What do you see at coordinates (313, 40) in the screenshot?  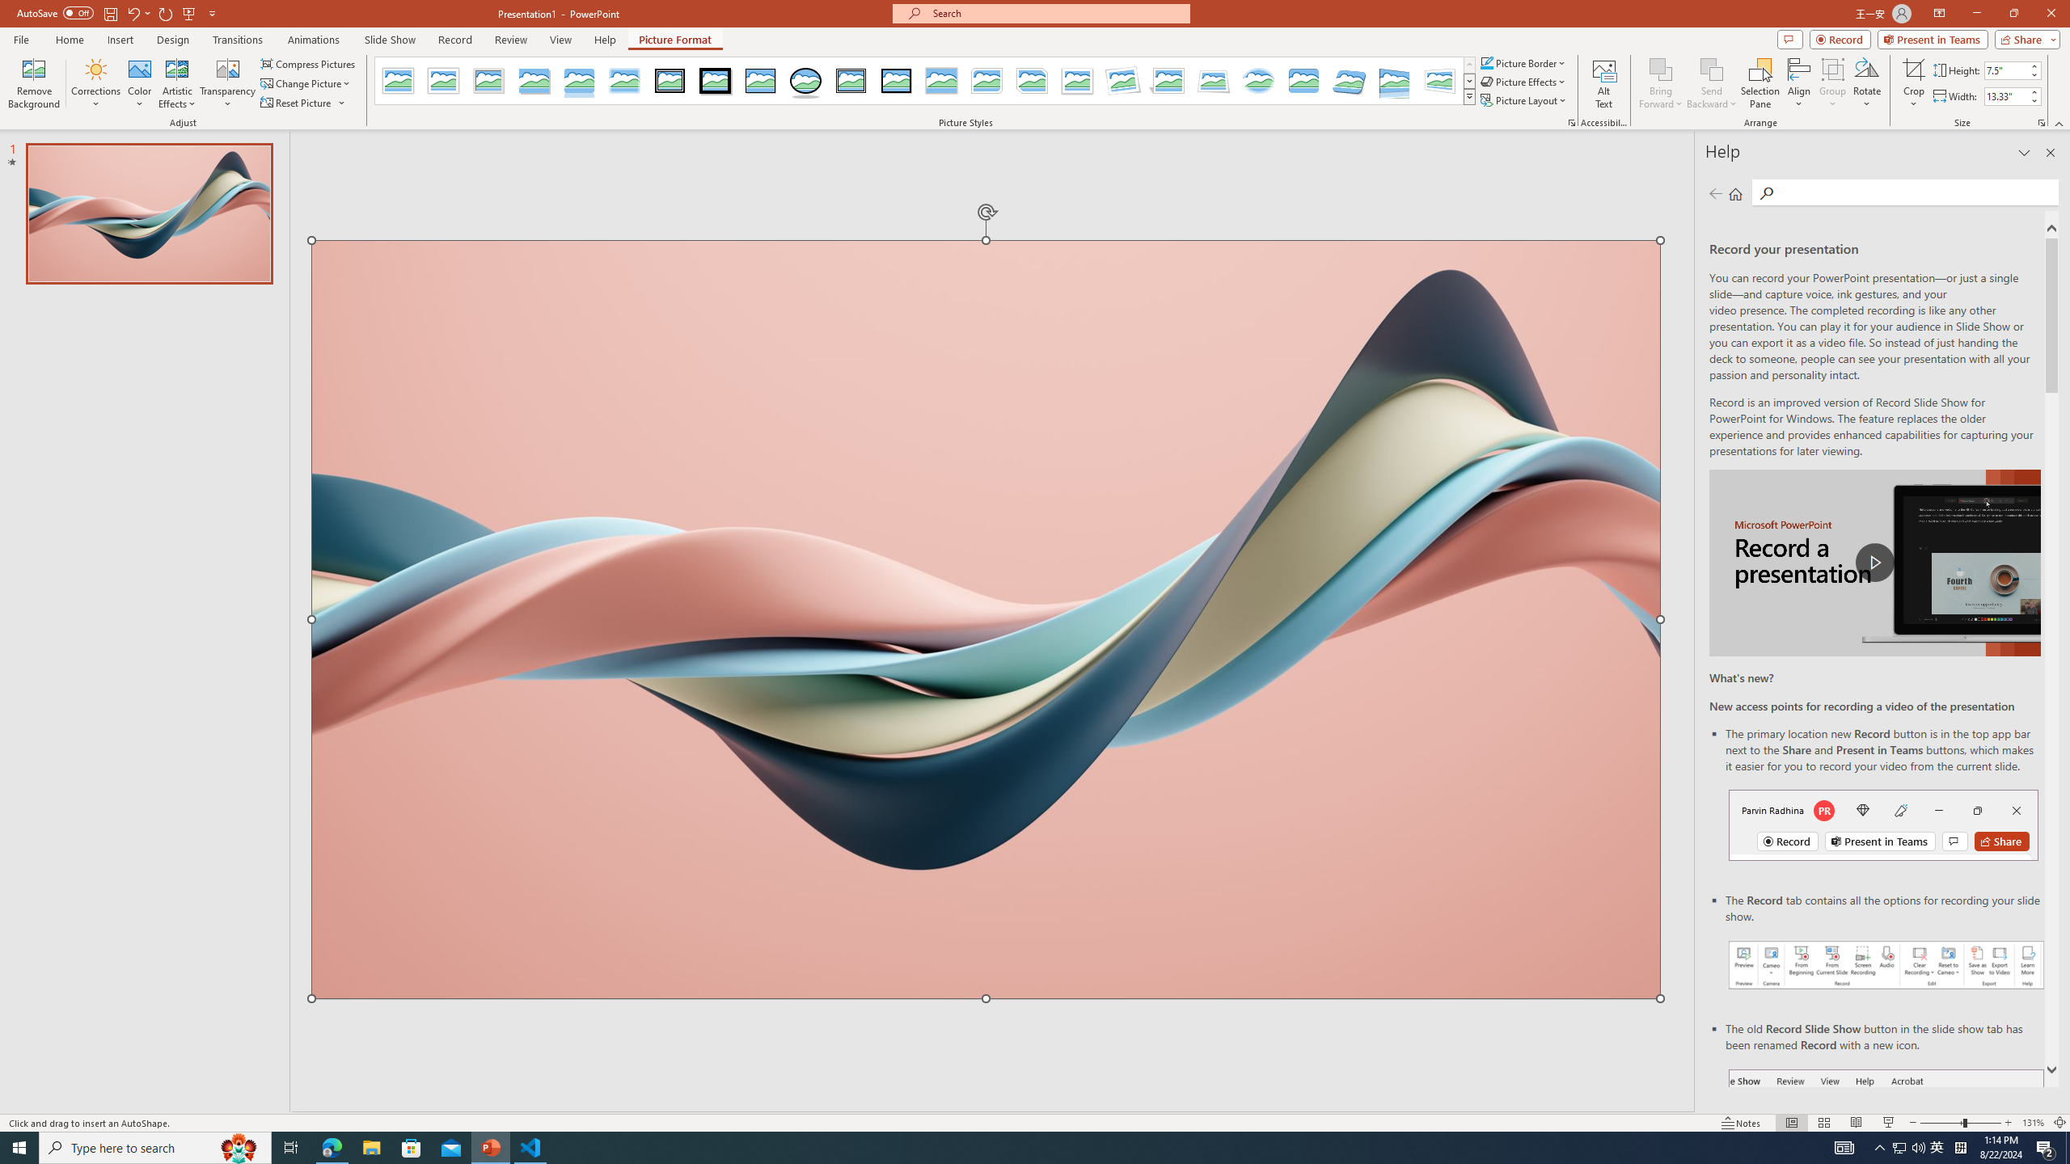 I see `'Animations'` at bounding box center [313, 40].